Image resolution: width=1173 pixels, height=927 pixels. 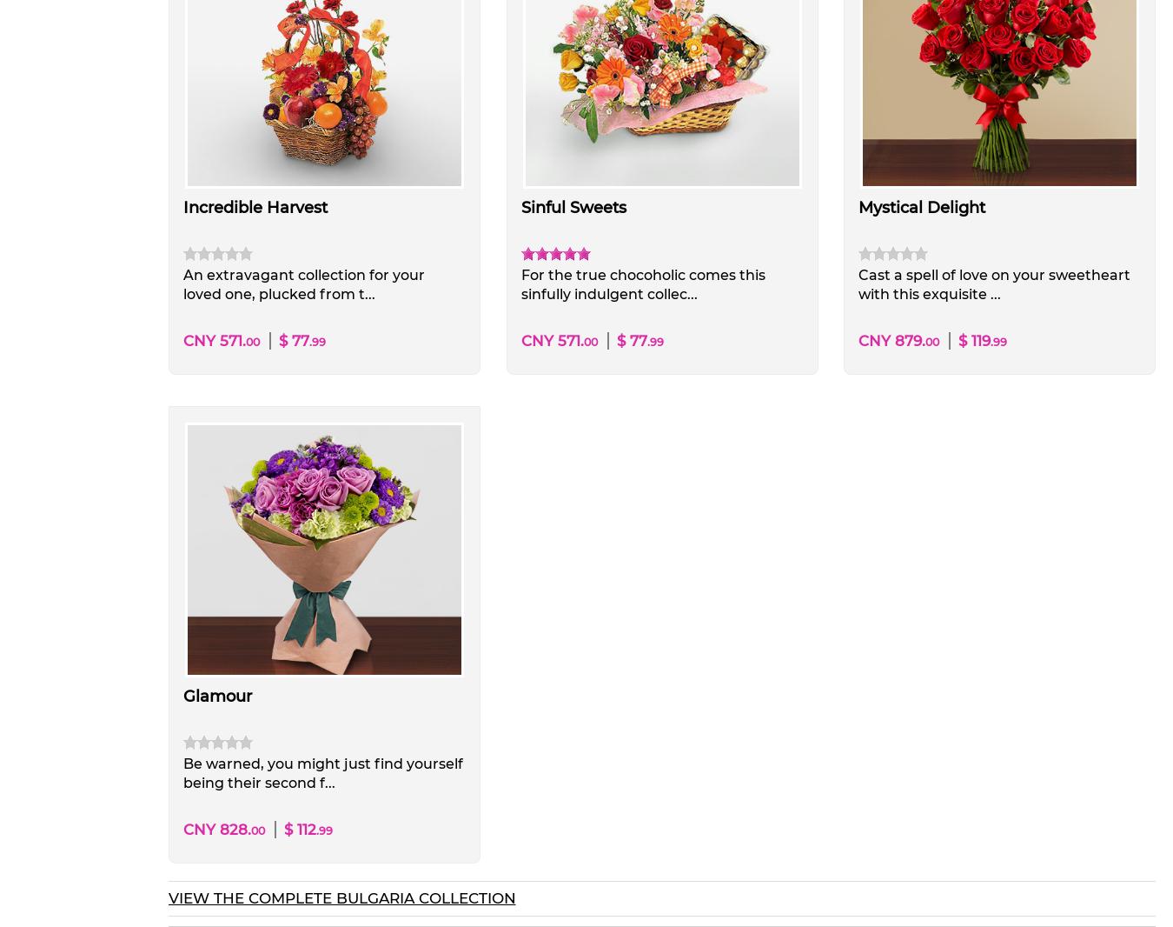 I want to click on 'Cast a spell of love on your sweetheart with this exquisite ...', so click(x=856, y=283).